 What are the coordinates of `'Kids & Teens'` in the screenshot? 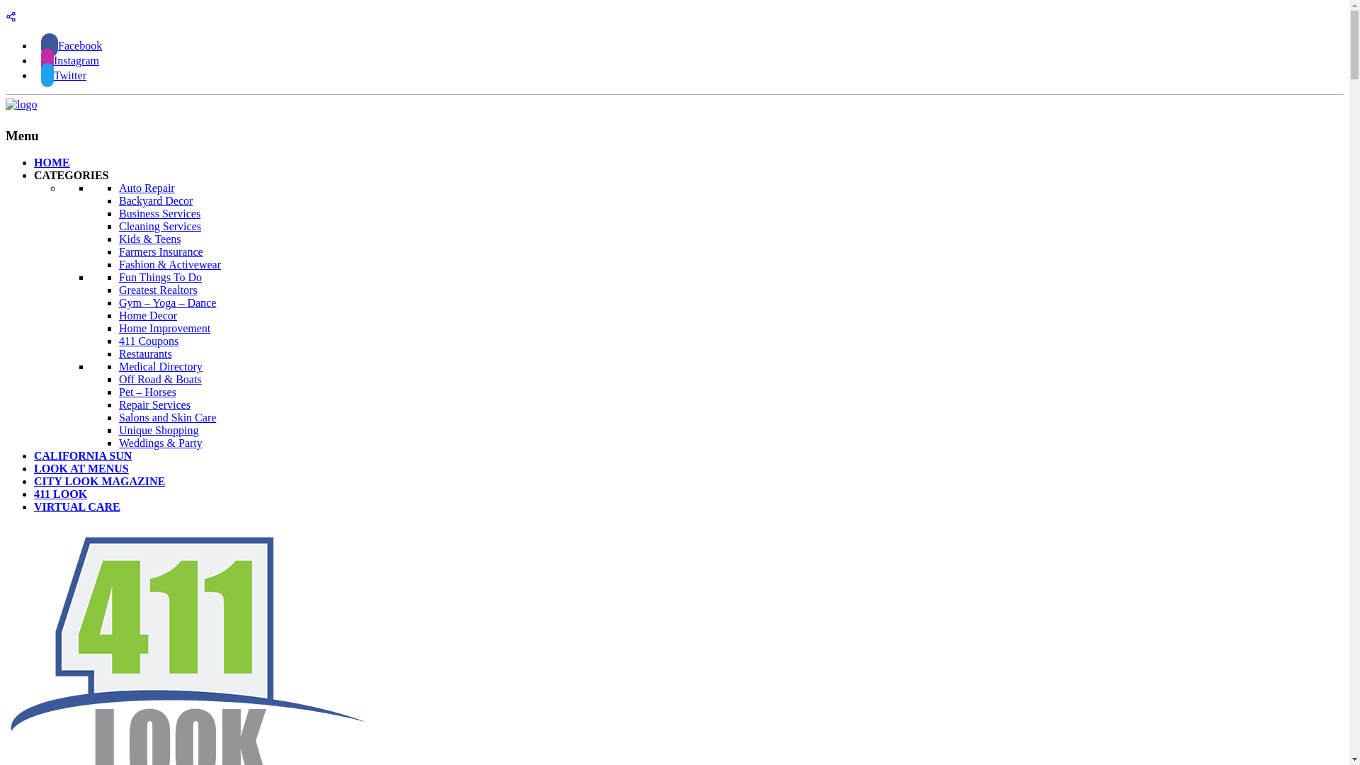 It's located at (149, 238).